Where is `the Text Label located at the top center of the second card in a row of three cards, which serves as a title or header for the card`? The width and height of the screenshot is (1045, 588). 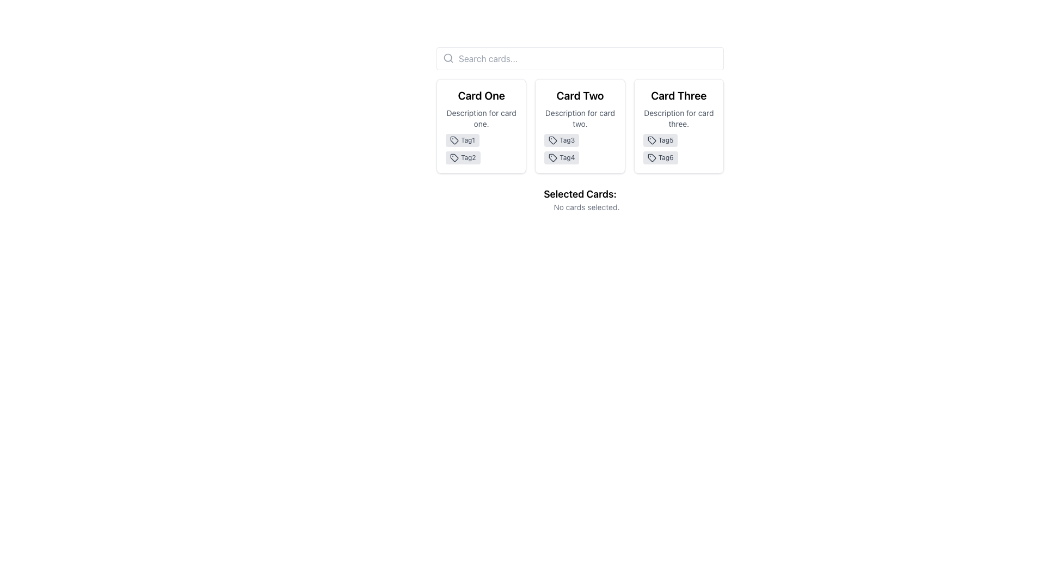
the Text Label located at the top center of the second card in a row of three cards, which serves as a title or header for the card is located at coordinates (579, 95).